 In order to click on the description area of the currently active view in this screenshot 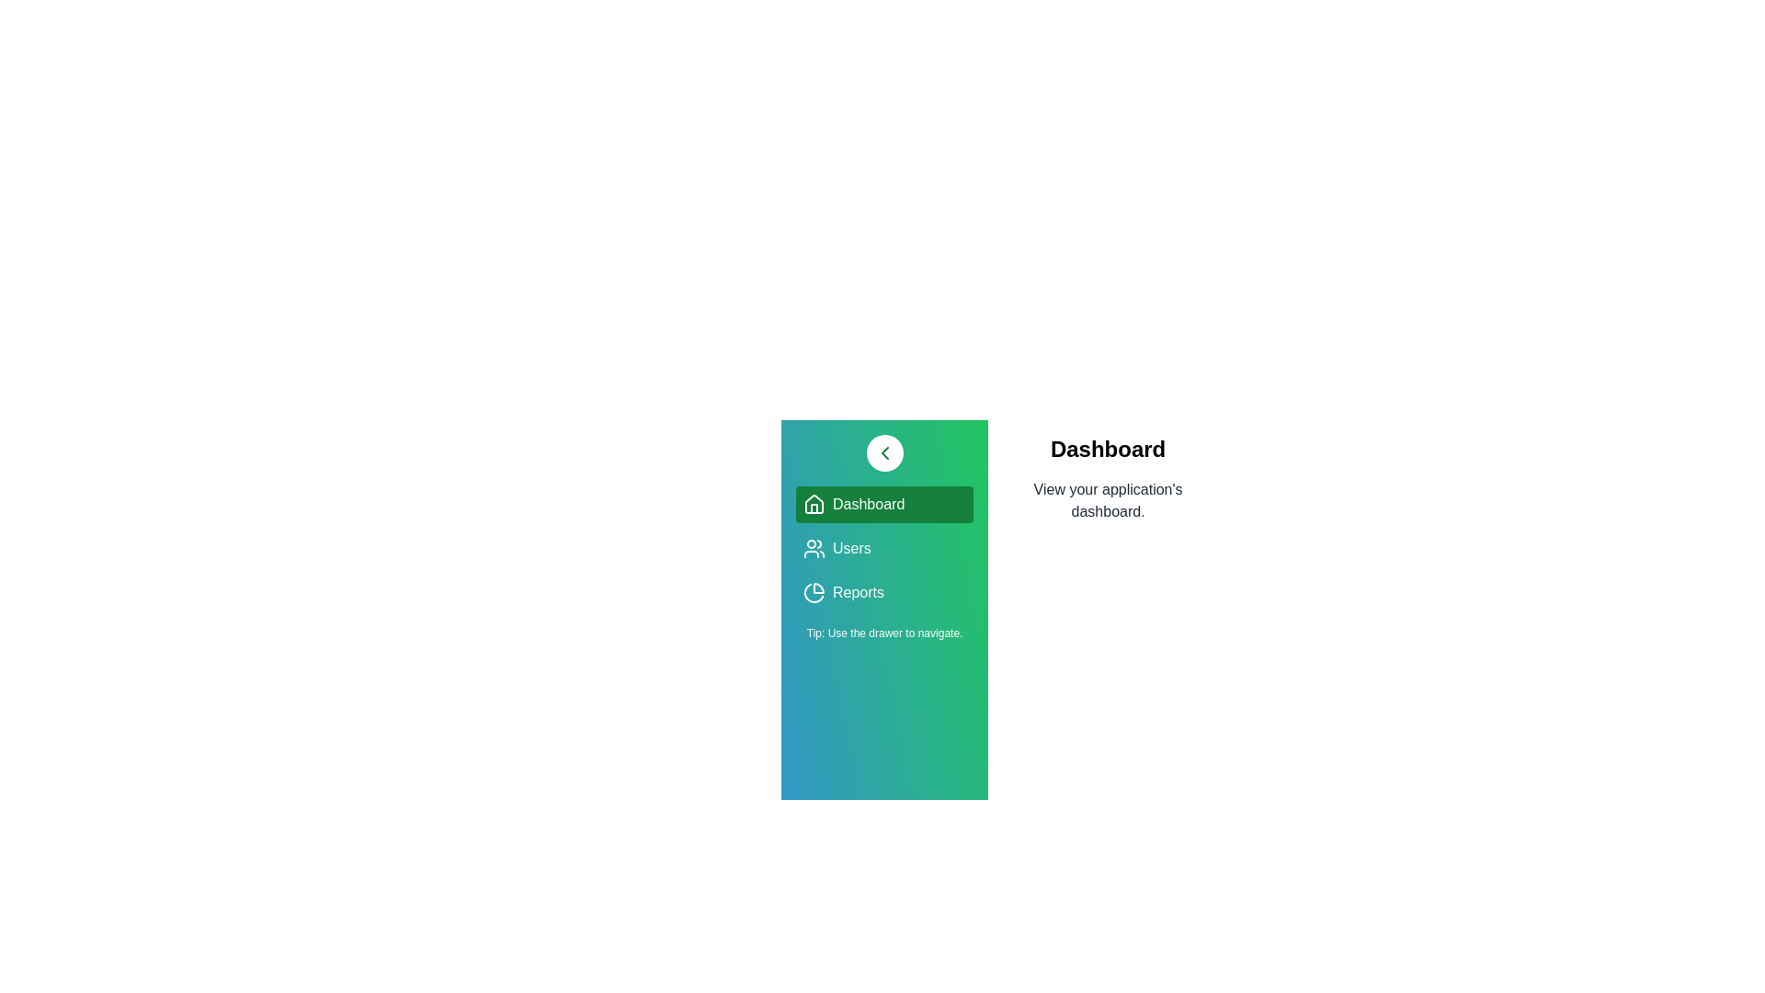, I will do `click(1106, 500)`.